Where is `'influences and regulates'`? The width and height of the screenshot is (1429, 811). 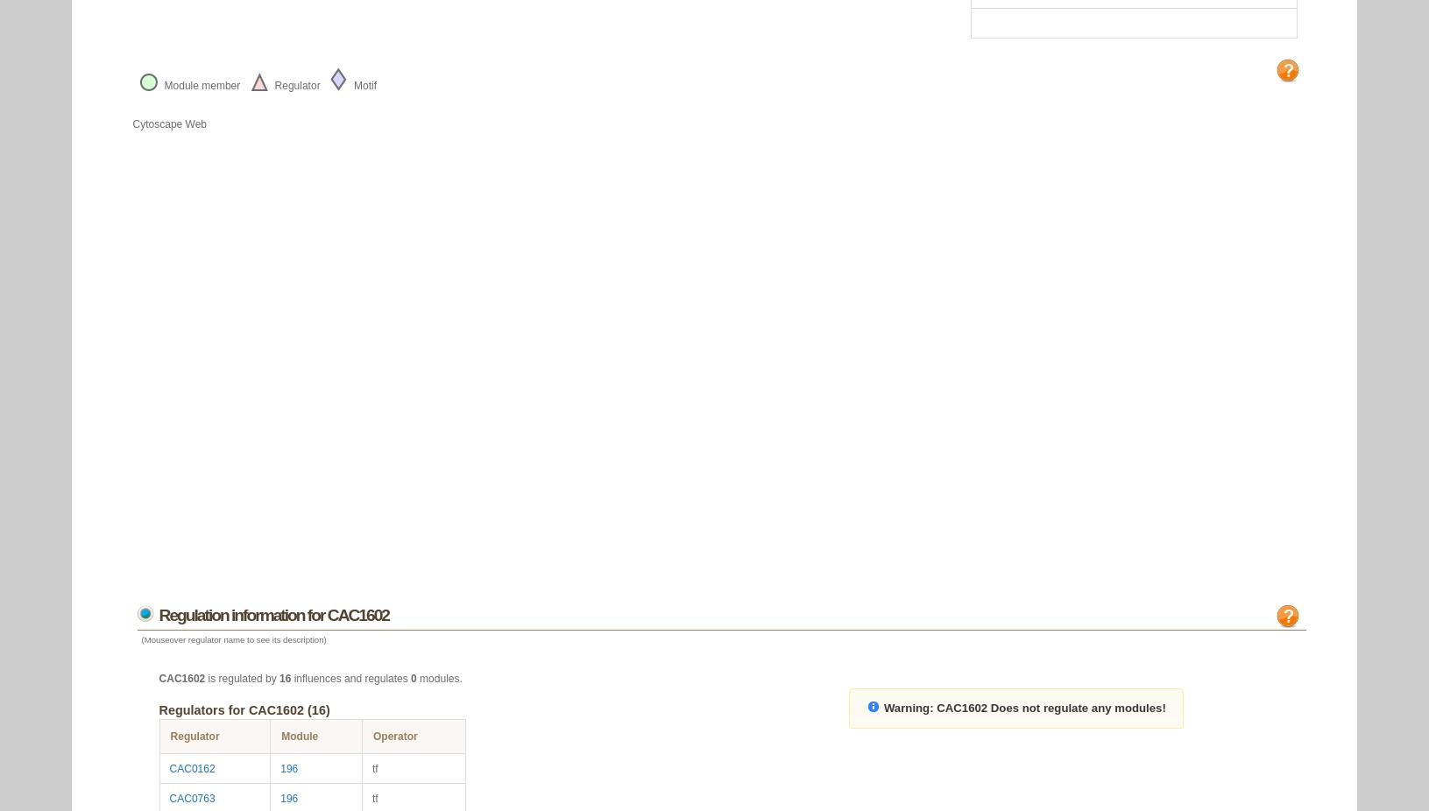 'influences and regulates' is located at coordinates (350, 678).